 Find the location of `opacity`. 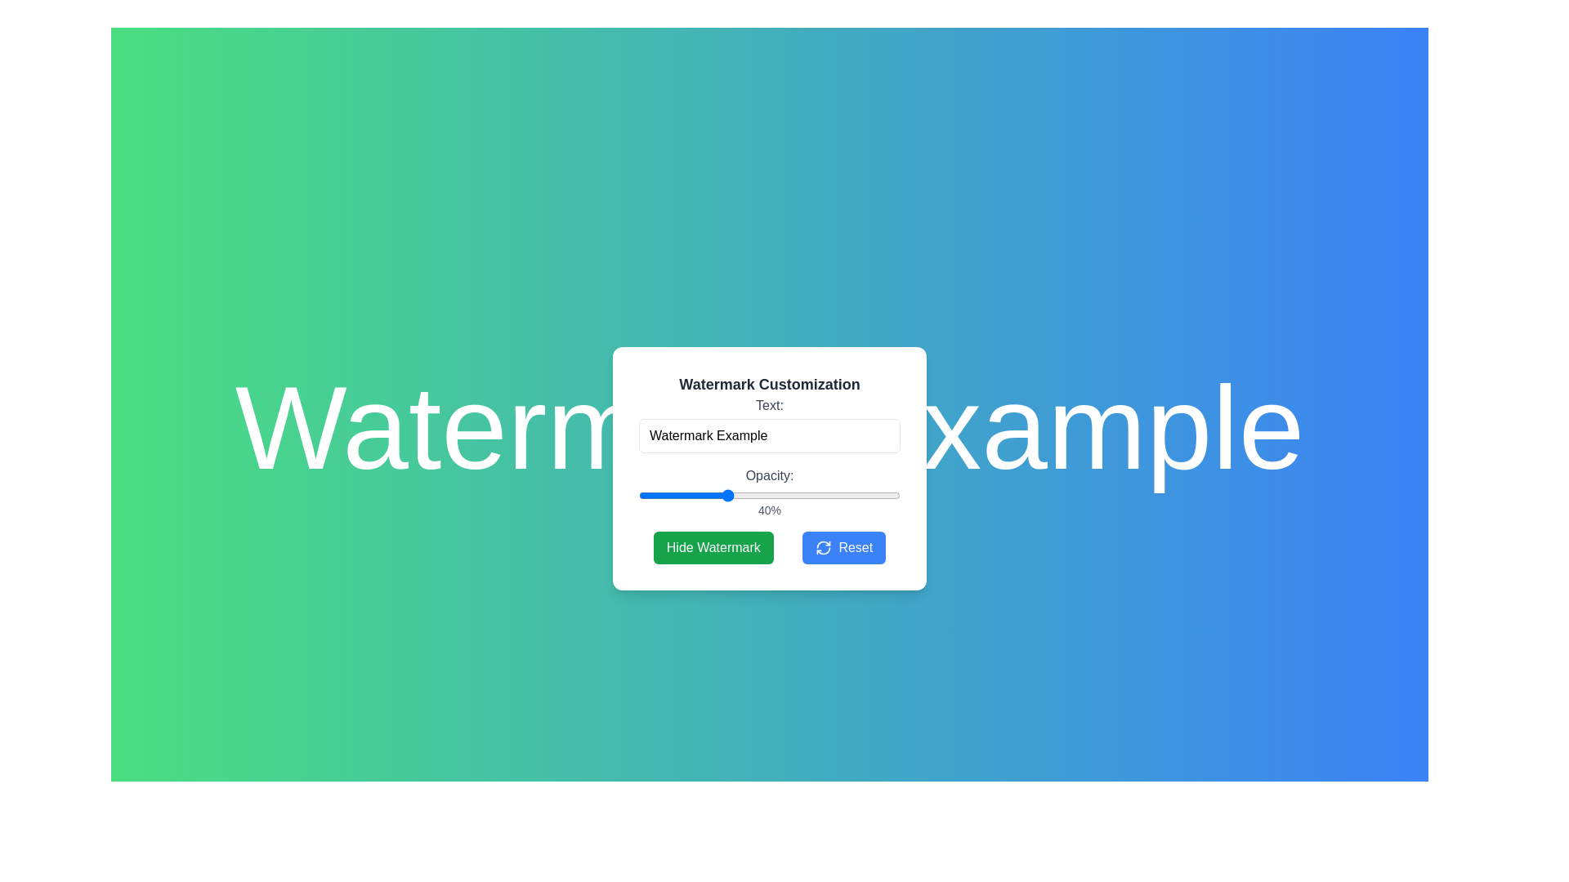

opacity is located at coordinates (847, 494).